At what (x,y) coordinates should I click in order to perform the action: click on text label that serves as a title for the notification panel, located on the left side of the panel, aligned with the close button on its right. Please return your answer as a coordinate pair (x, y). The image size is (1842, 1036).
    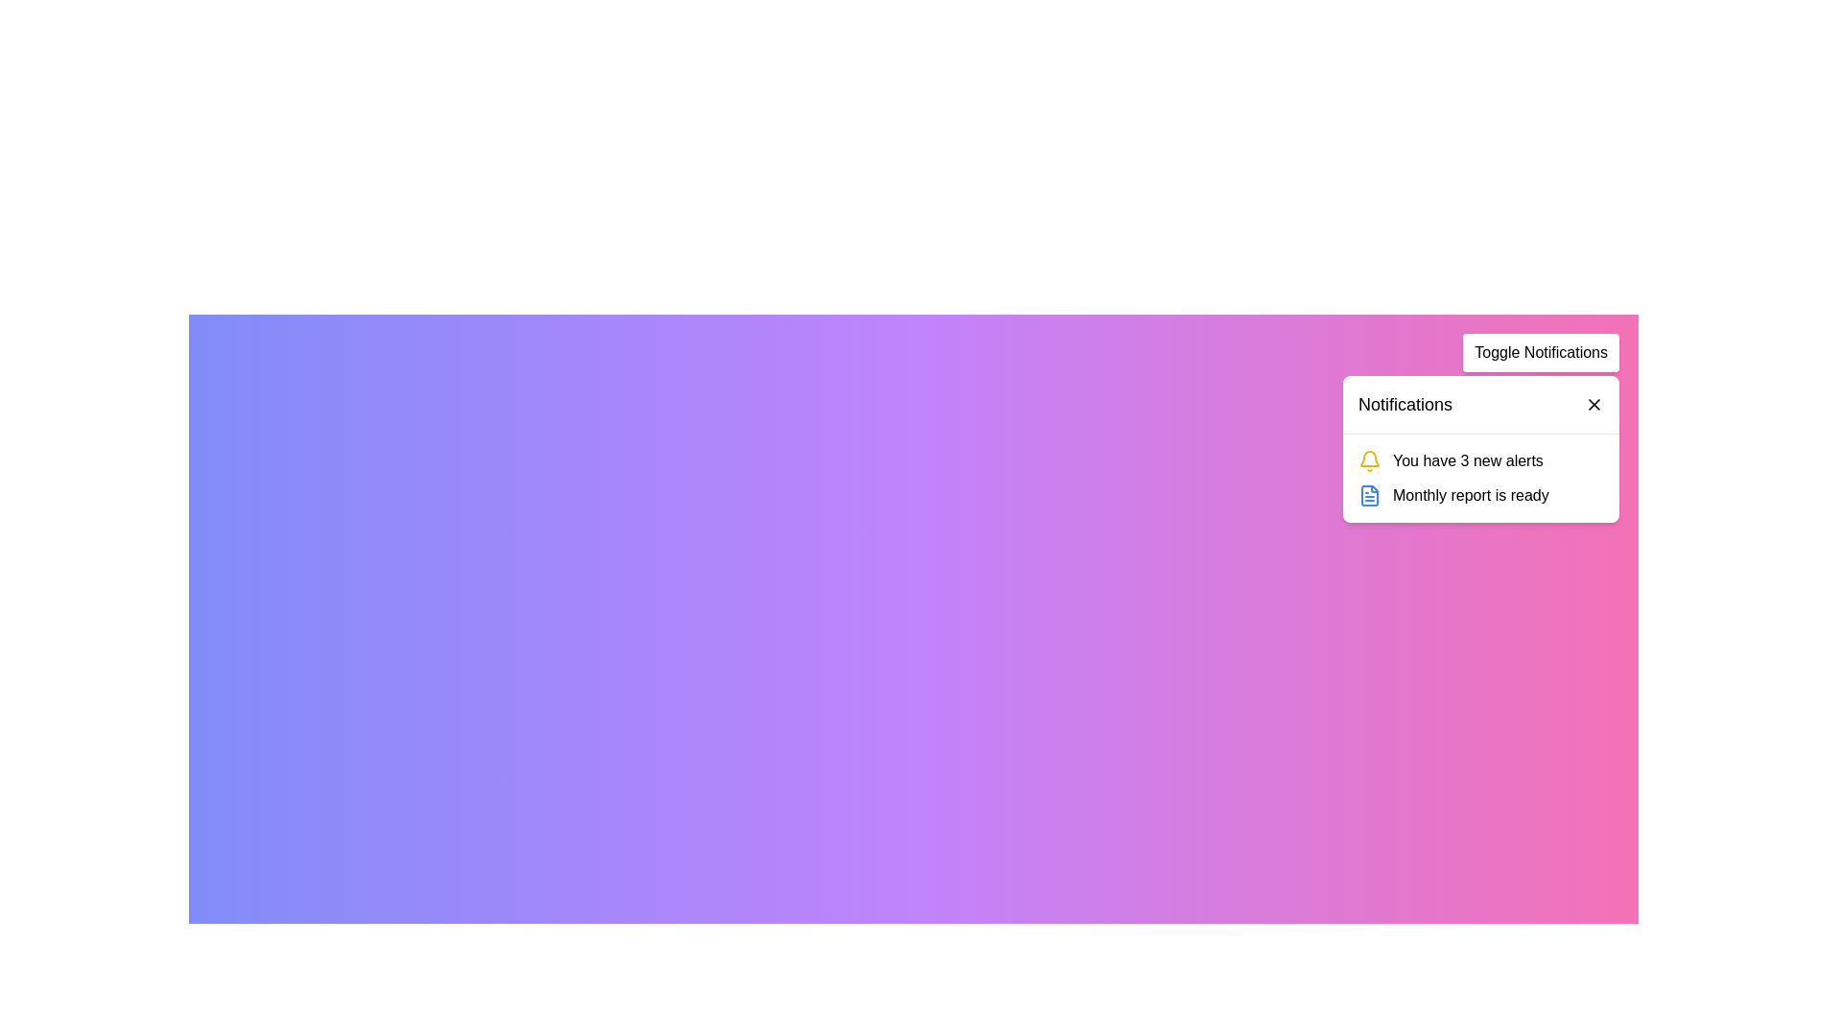
    Looking at the image, I should click on (1405, 403).